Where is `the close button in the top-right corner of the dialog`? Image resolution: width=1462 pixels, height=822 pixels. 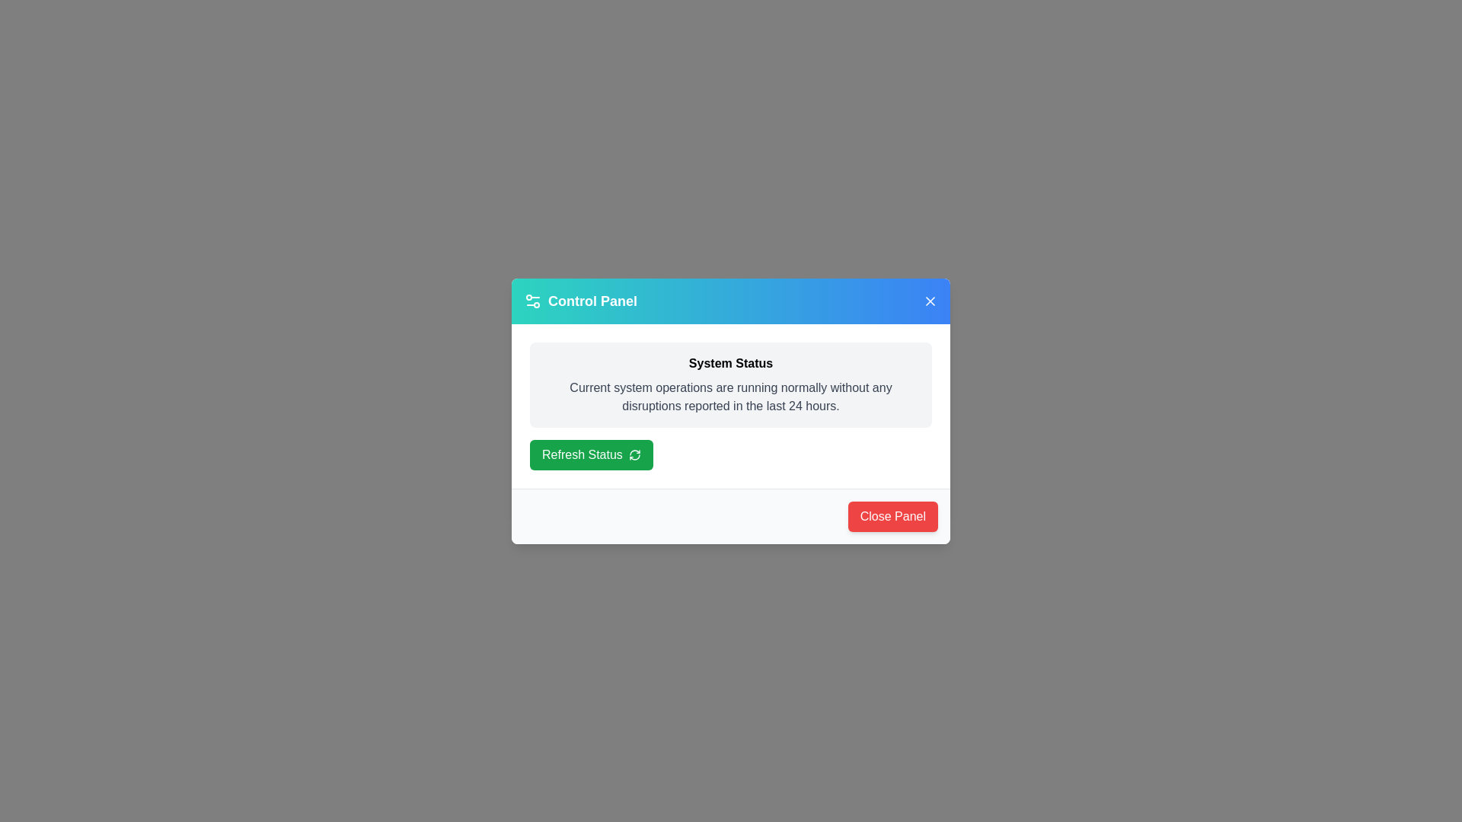 the close button in the top-right corner of the dialog is located at coordinates (930, 301).